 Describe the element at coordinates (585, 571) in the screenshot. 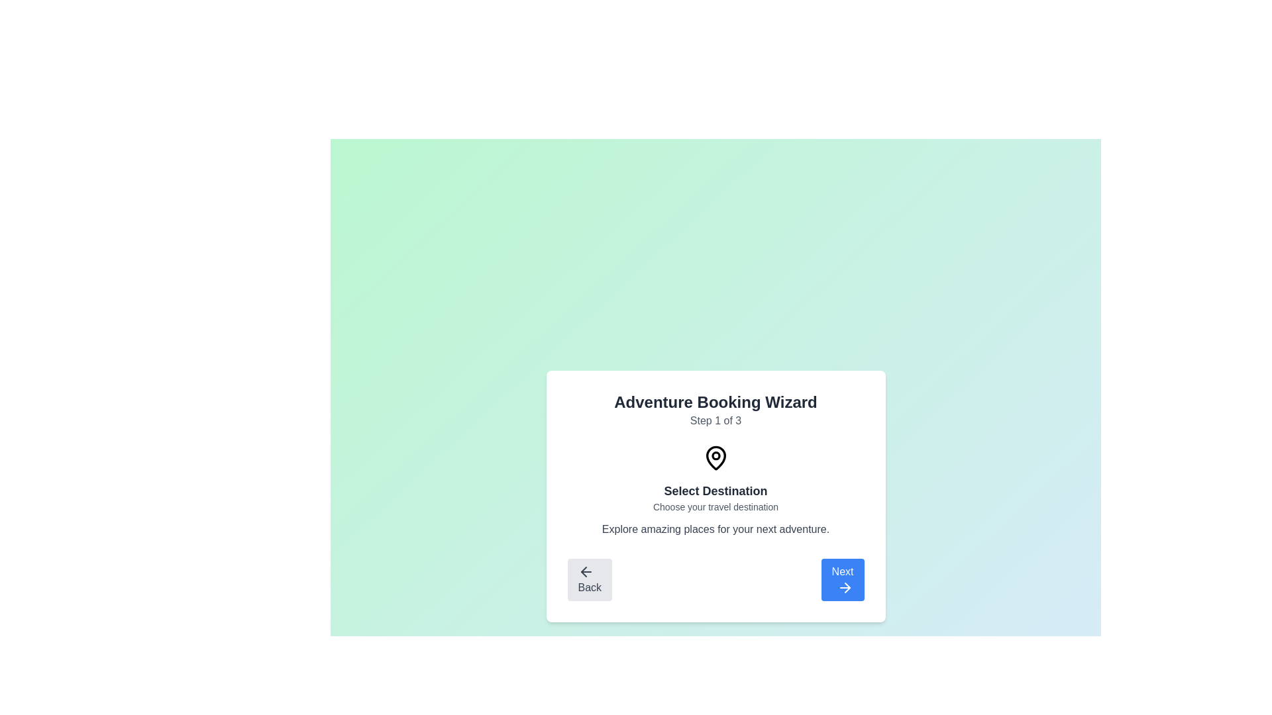

I see `the back navigation icon located within the bottom-left section of the 'Back' button on the card interface` at that location.